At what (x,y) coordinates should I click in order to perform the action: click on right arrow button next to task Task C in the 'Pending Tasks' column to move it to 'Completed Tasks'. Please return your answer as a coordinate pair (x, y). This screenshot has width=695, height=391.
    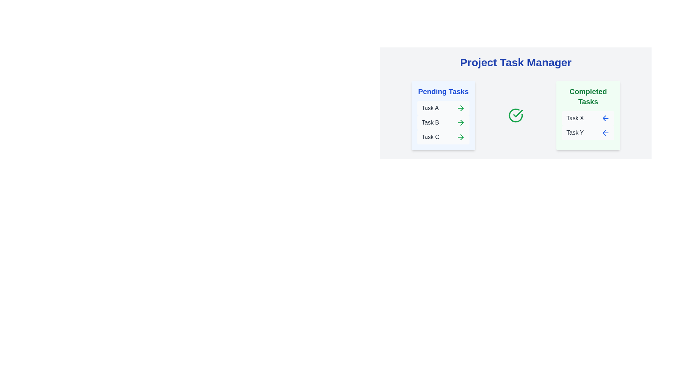
    Looking at the image, I should click on (460, 137).